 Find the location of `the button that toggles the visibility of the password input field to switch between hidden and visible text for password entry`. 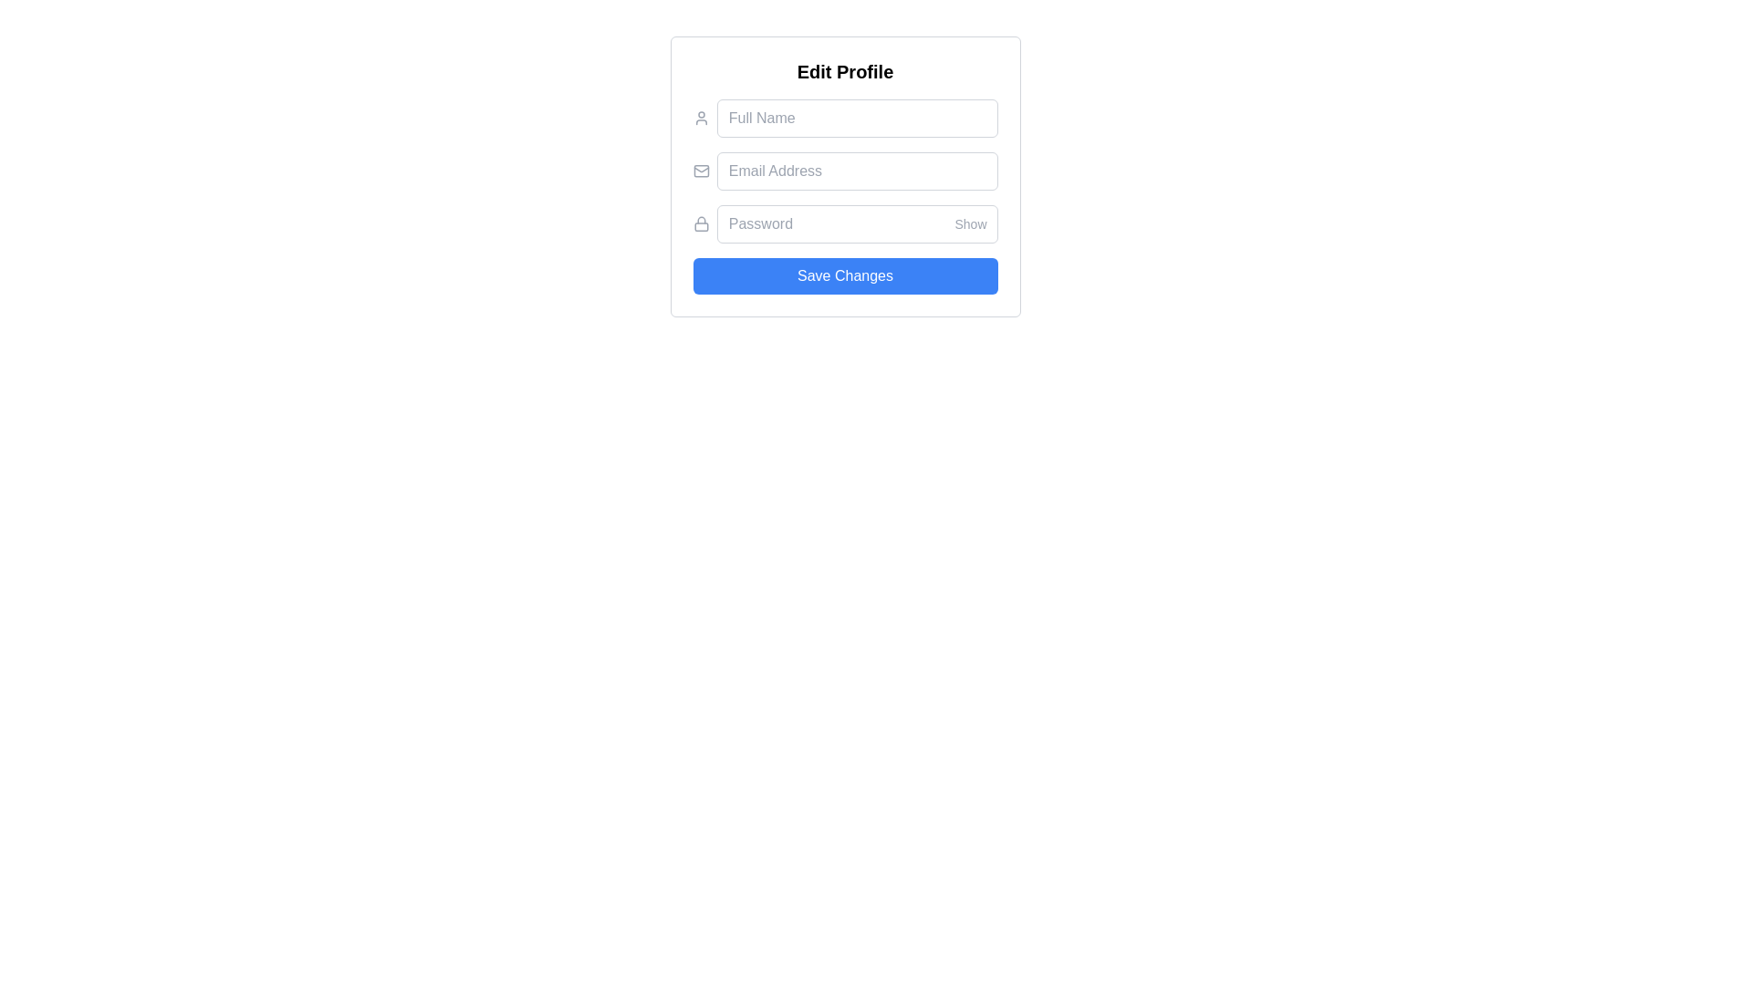

the button that toggles the visibility of the password input field to switch between hidden and visible text for password entry is located at coordinates (970, 223).